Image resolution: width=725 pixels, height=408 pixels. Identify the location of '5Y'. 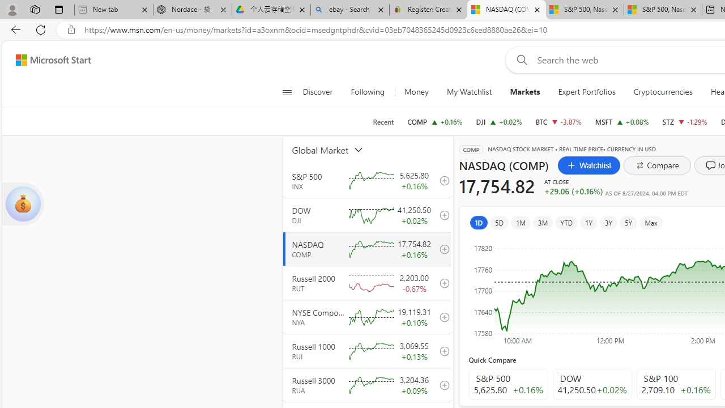
(628, 222).